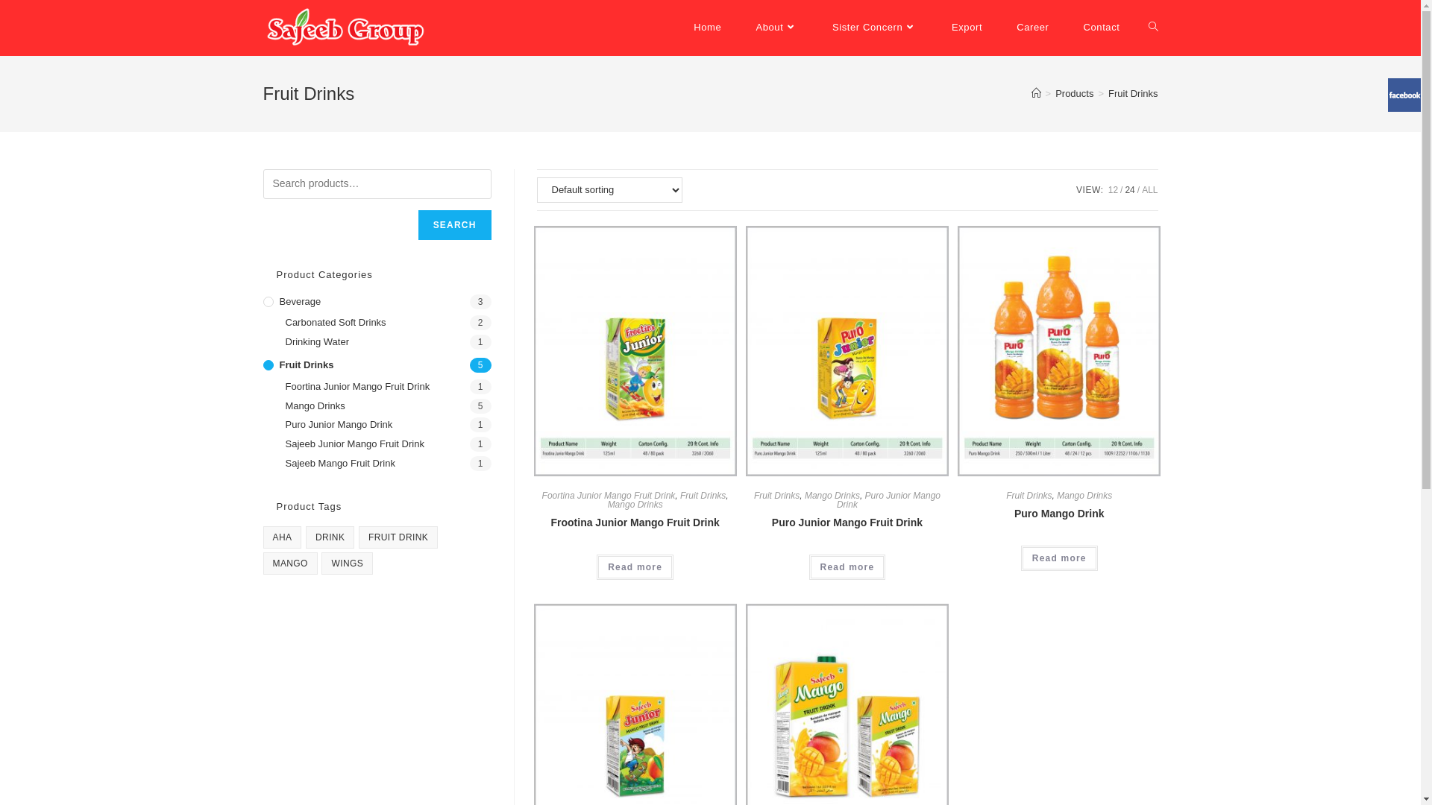  I want to click on 'About', so click(776, 28).